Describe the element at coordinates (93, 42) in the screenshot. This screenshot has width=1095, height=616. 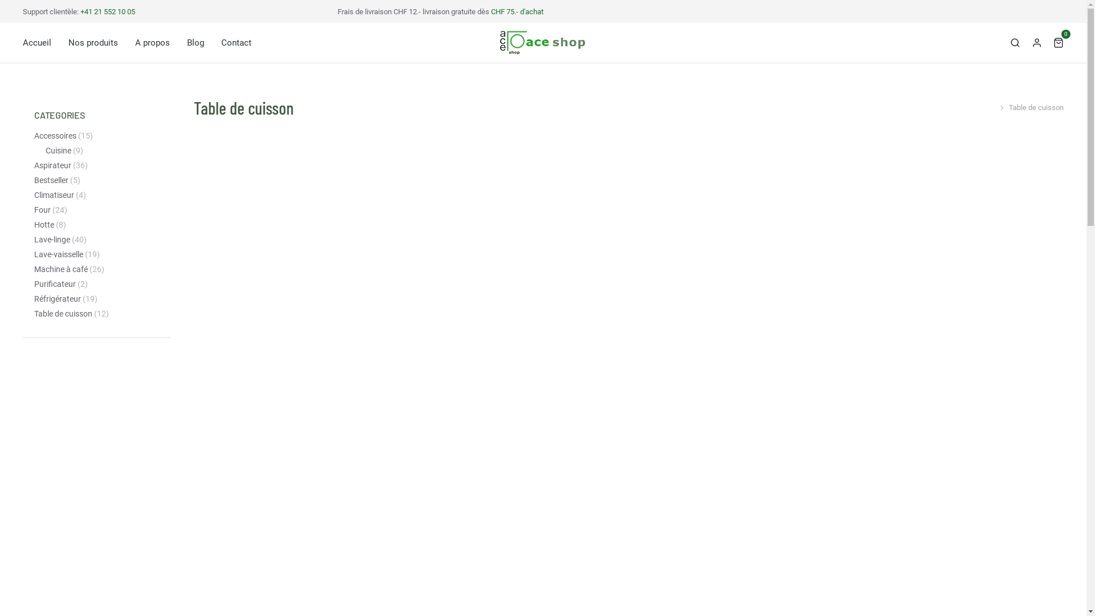
I see `'Nos produits'` at that location.